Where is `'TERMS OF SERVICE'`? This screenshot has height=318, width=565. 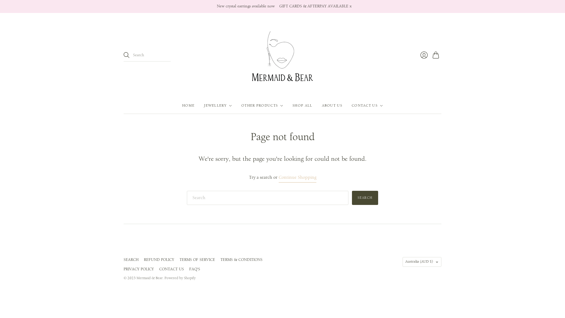
'TERMS OF SERVICE' is located at coordinates (197, 259).